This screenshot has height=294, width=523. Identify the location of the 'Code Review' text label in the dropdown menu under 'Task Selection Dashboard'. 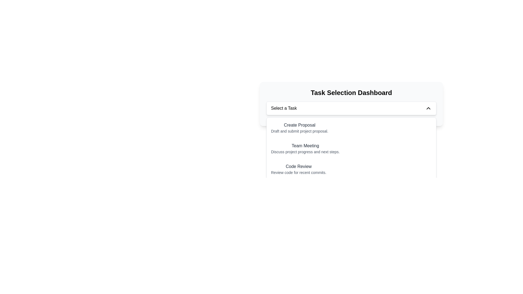
(298, 166).